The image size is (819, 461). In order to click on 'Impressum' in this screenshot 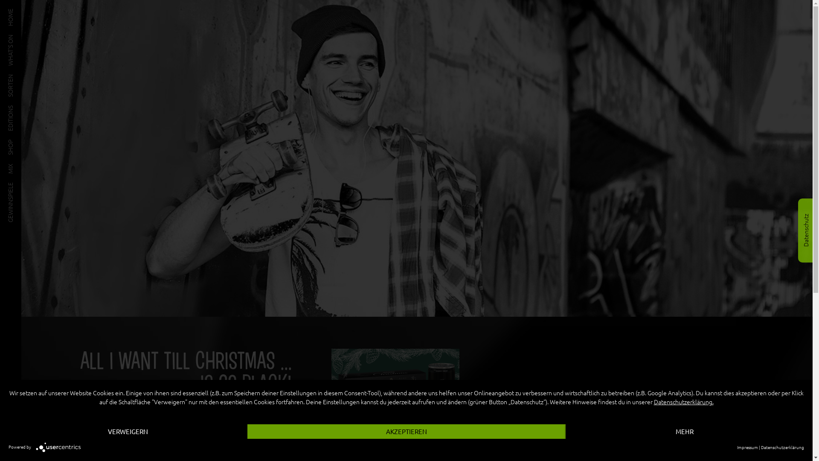, I will do `click(747, 446)`.